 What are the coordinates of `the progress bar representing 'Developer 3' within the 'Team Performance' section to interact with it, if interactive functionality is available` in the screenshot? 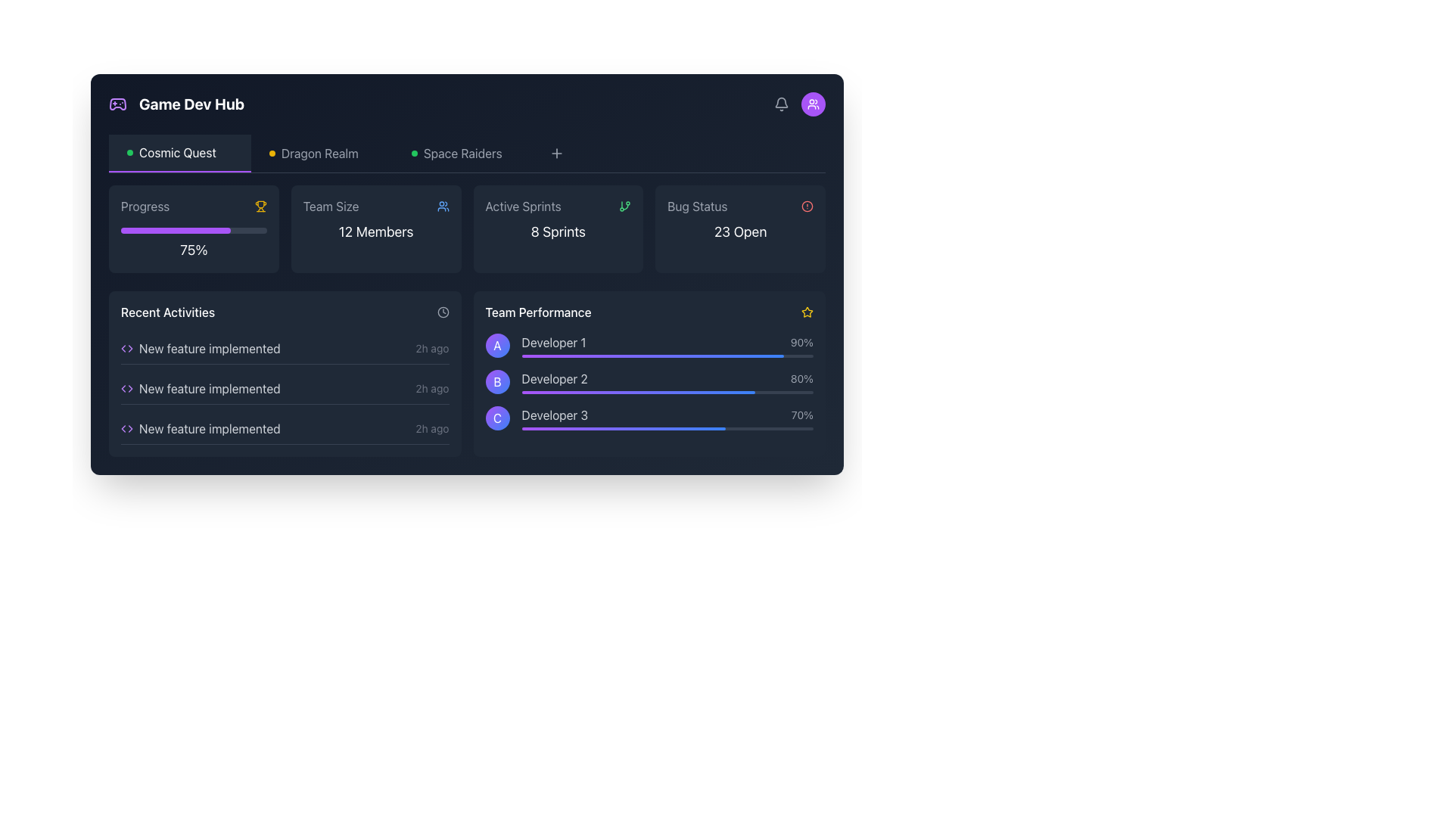 It's located at (624, 429).